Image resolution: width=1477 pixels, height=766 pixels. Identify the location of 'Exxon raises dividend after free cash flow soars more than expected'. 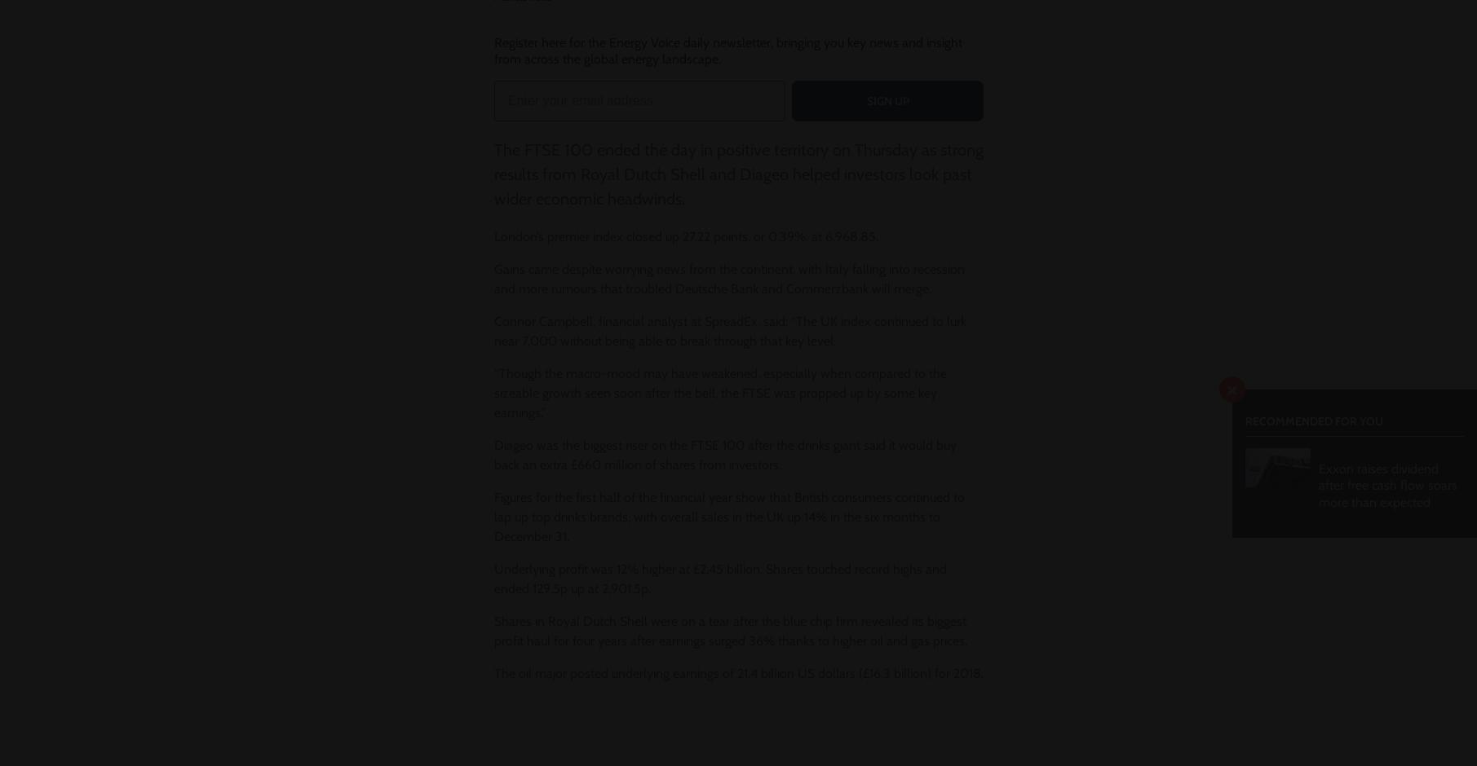
(1387, 484).